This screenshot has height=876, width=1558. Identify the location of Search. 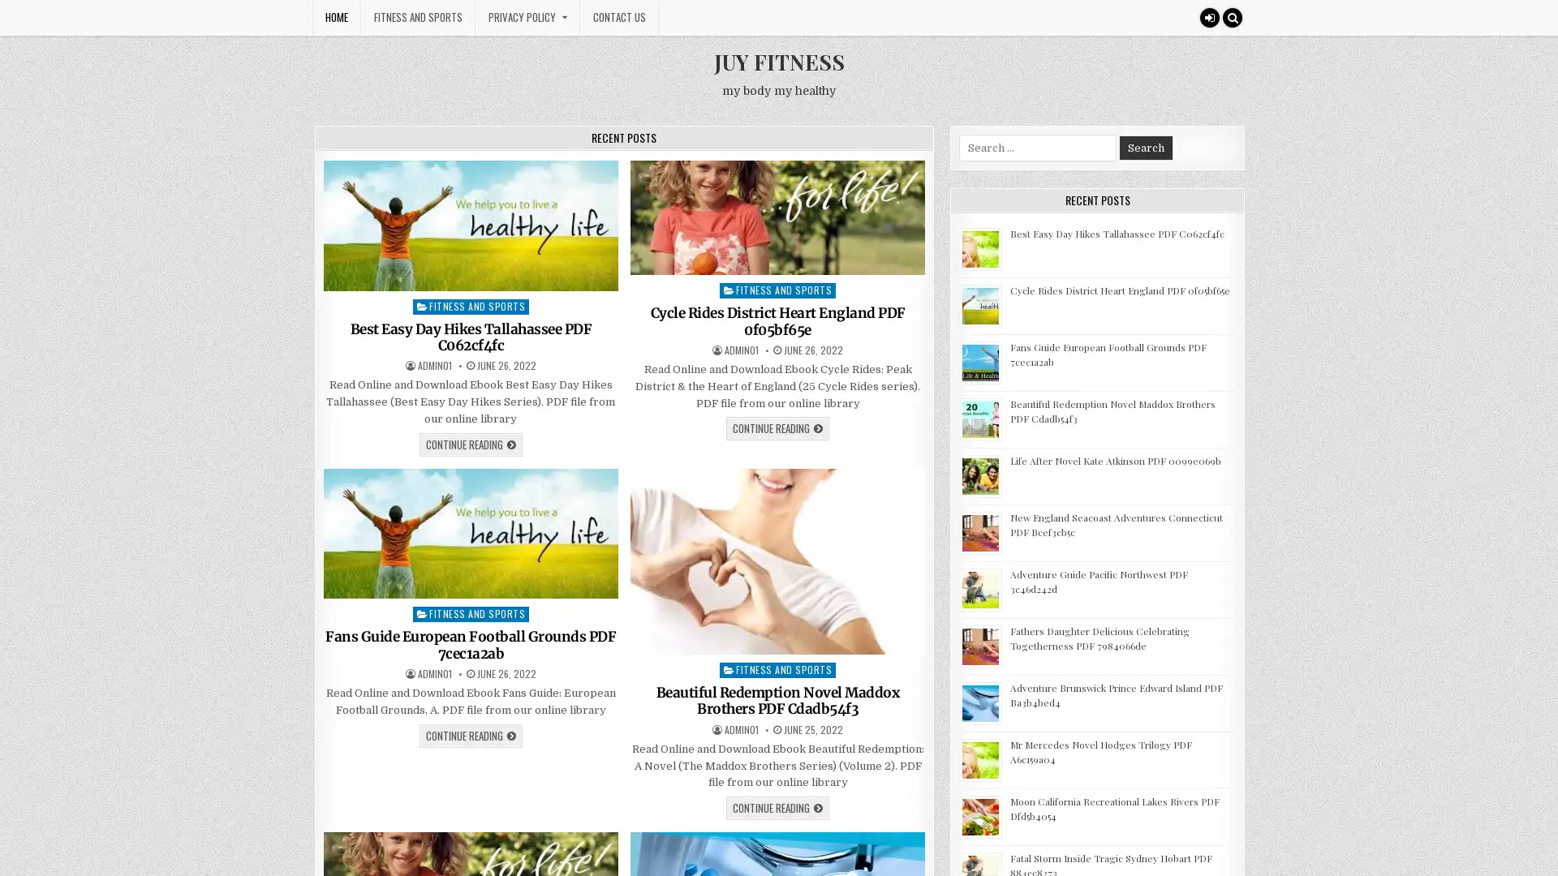
(1145, 148).